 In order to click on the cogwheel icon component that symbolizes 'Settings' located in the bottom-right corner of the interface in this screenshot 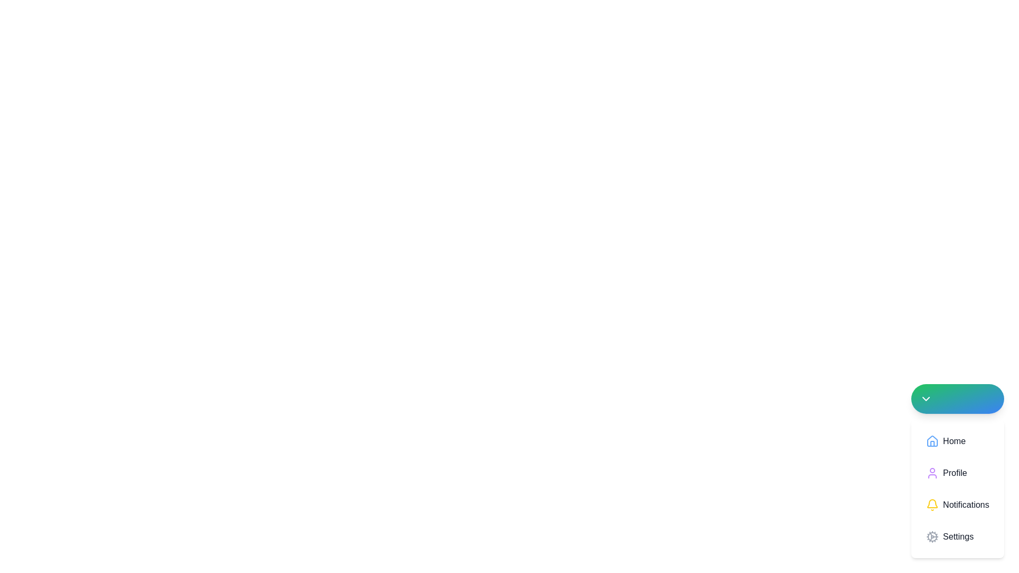, I will do `click(931, 536)`.